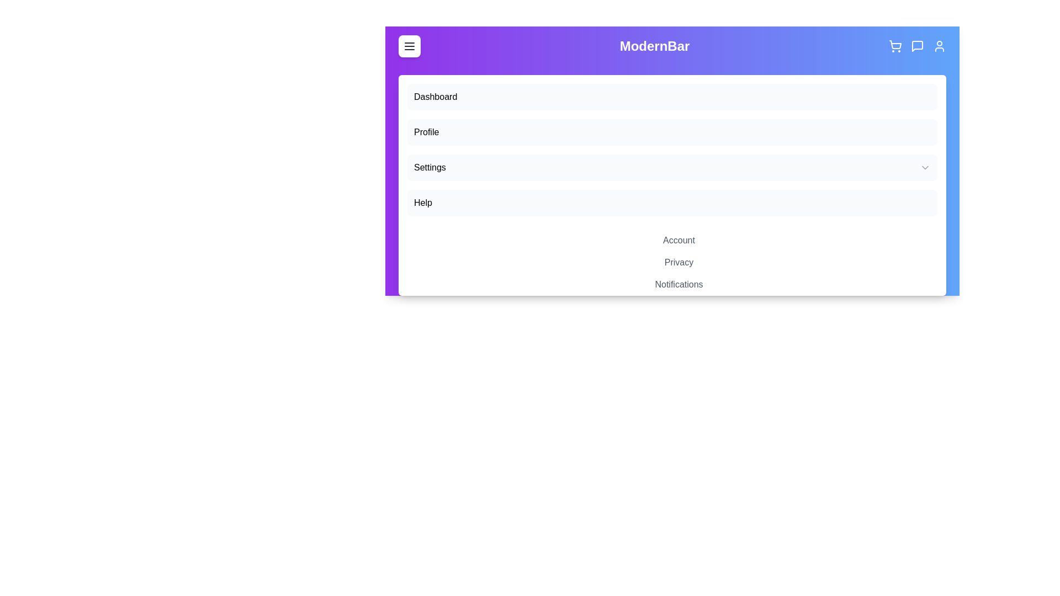 The height and width of the screenshot is (596, 1060). What do you see at coordinates (678, 262) in the screenshot?
I see `the sub-option Privacy under the 'Settings' dropdown` at bounding box center [678, 262].